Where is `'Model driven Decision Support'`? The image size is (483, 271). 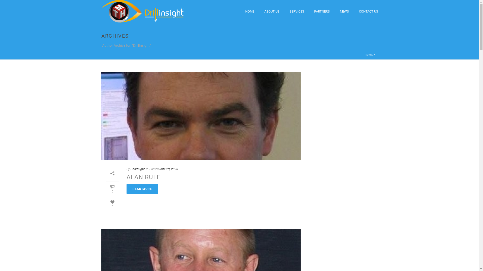 'Model driven Decision Support' is located at coordinates (142, 11).